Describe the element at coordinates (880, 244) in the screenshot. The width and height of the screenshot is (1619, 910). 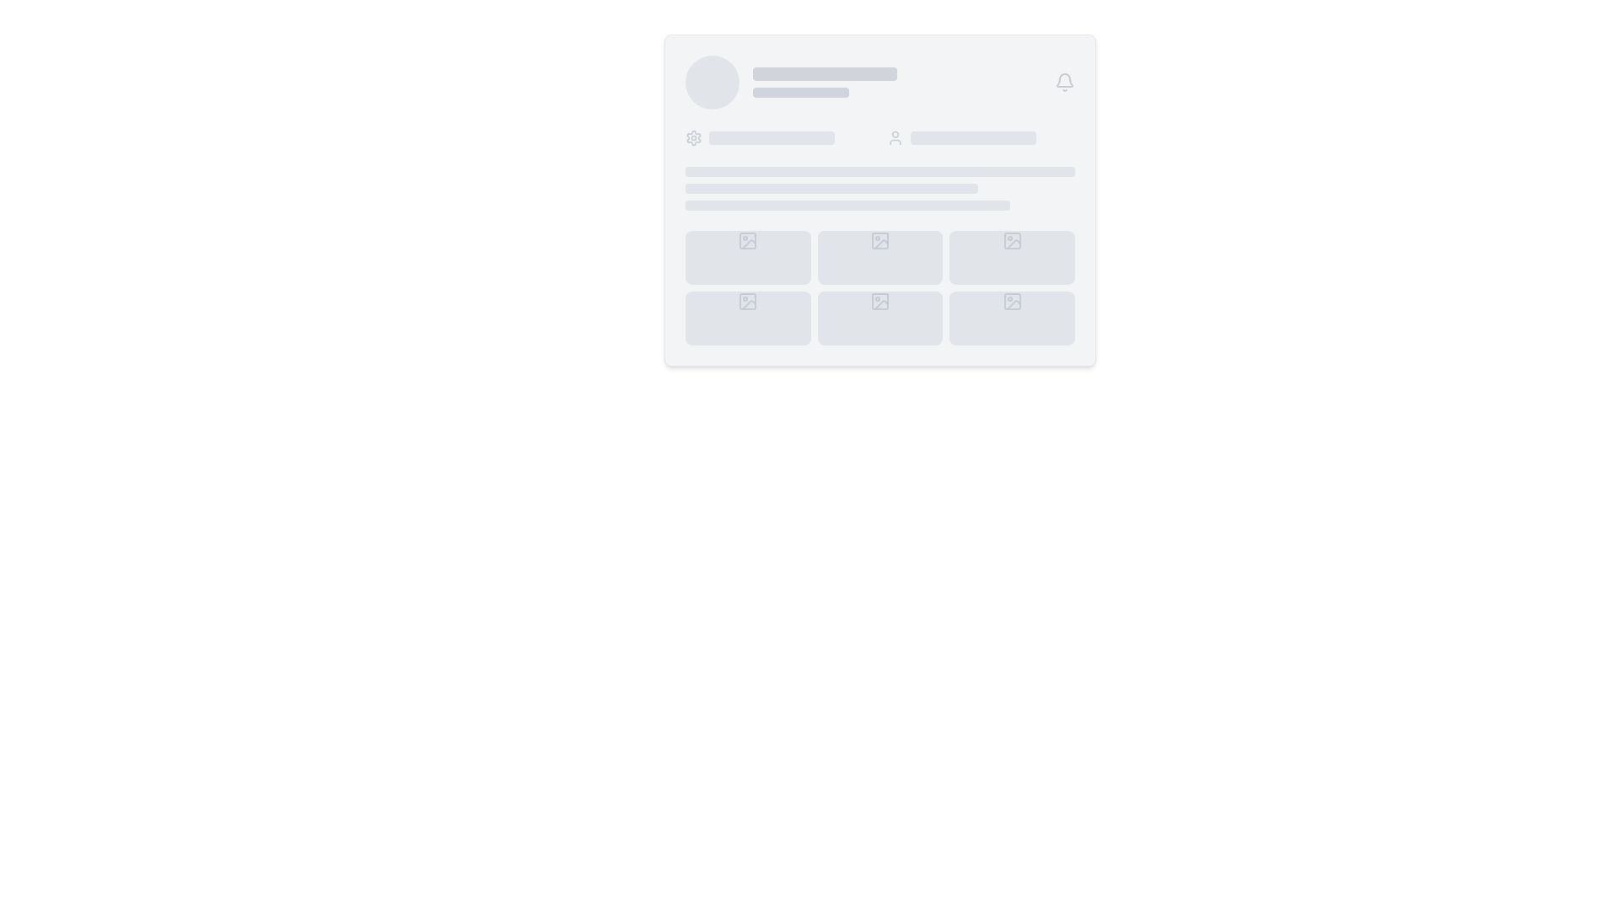
I see `the central placeholder image in the middle row and middle column of the 2x3 grid` at that location.